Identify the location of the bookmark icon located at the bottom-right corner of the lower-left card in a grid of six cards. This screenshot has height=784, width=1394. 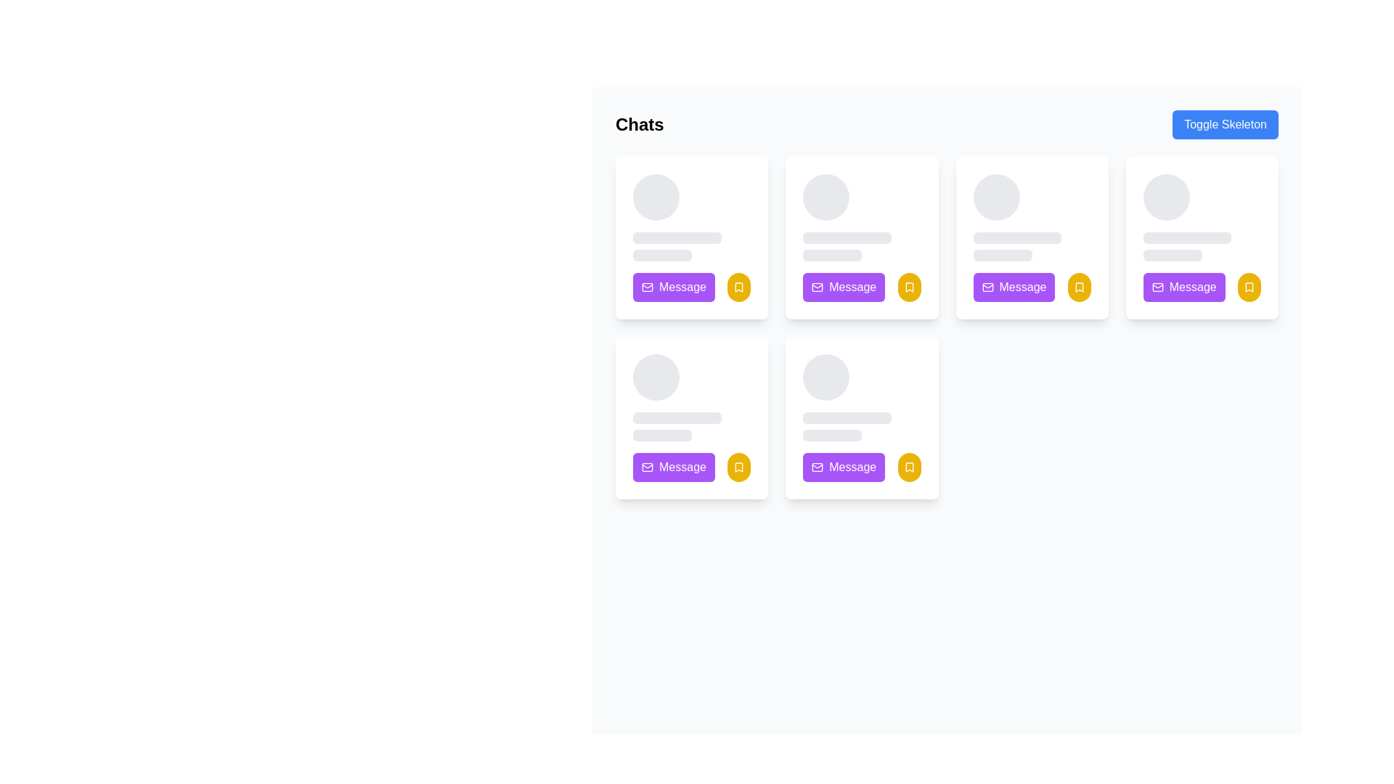
(908, 467).